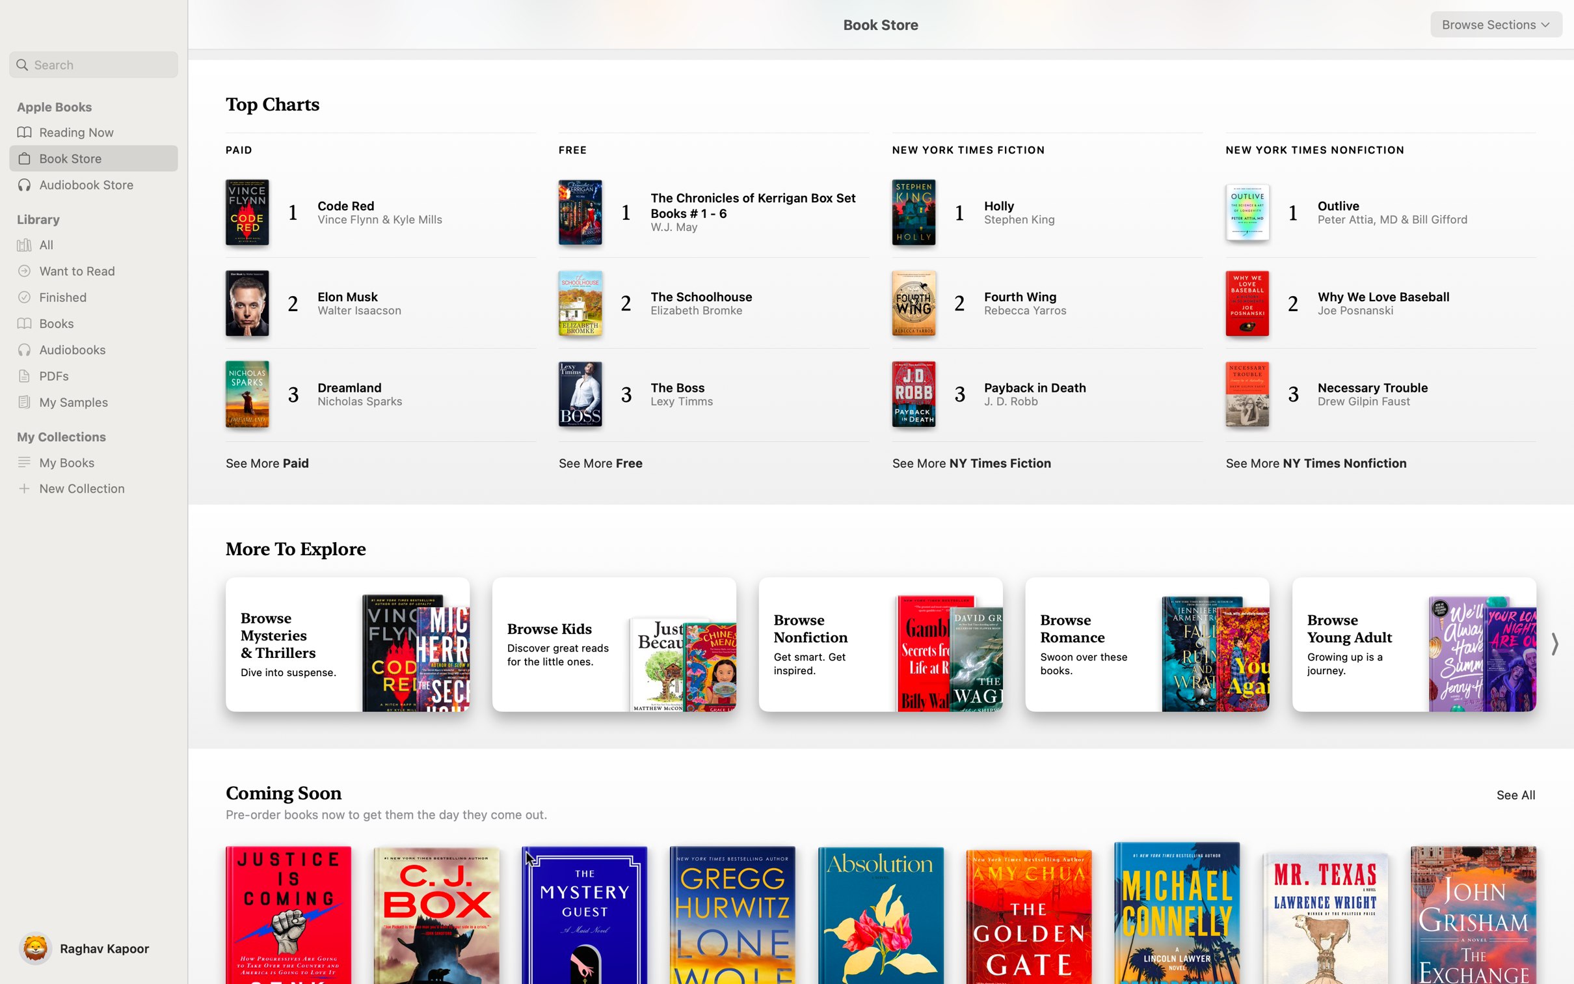 Image resolution: width=1574 pixels, height=984 pixels. Describe the element at coordinates (93, 64) in the screenshot. I see `Utilize the search bar to find the book "Rich dad poor dad"` at that location.